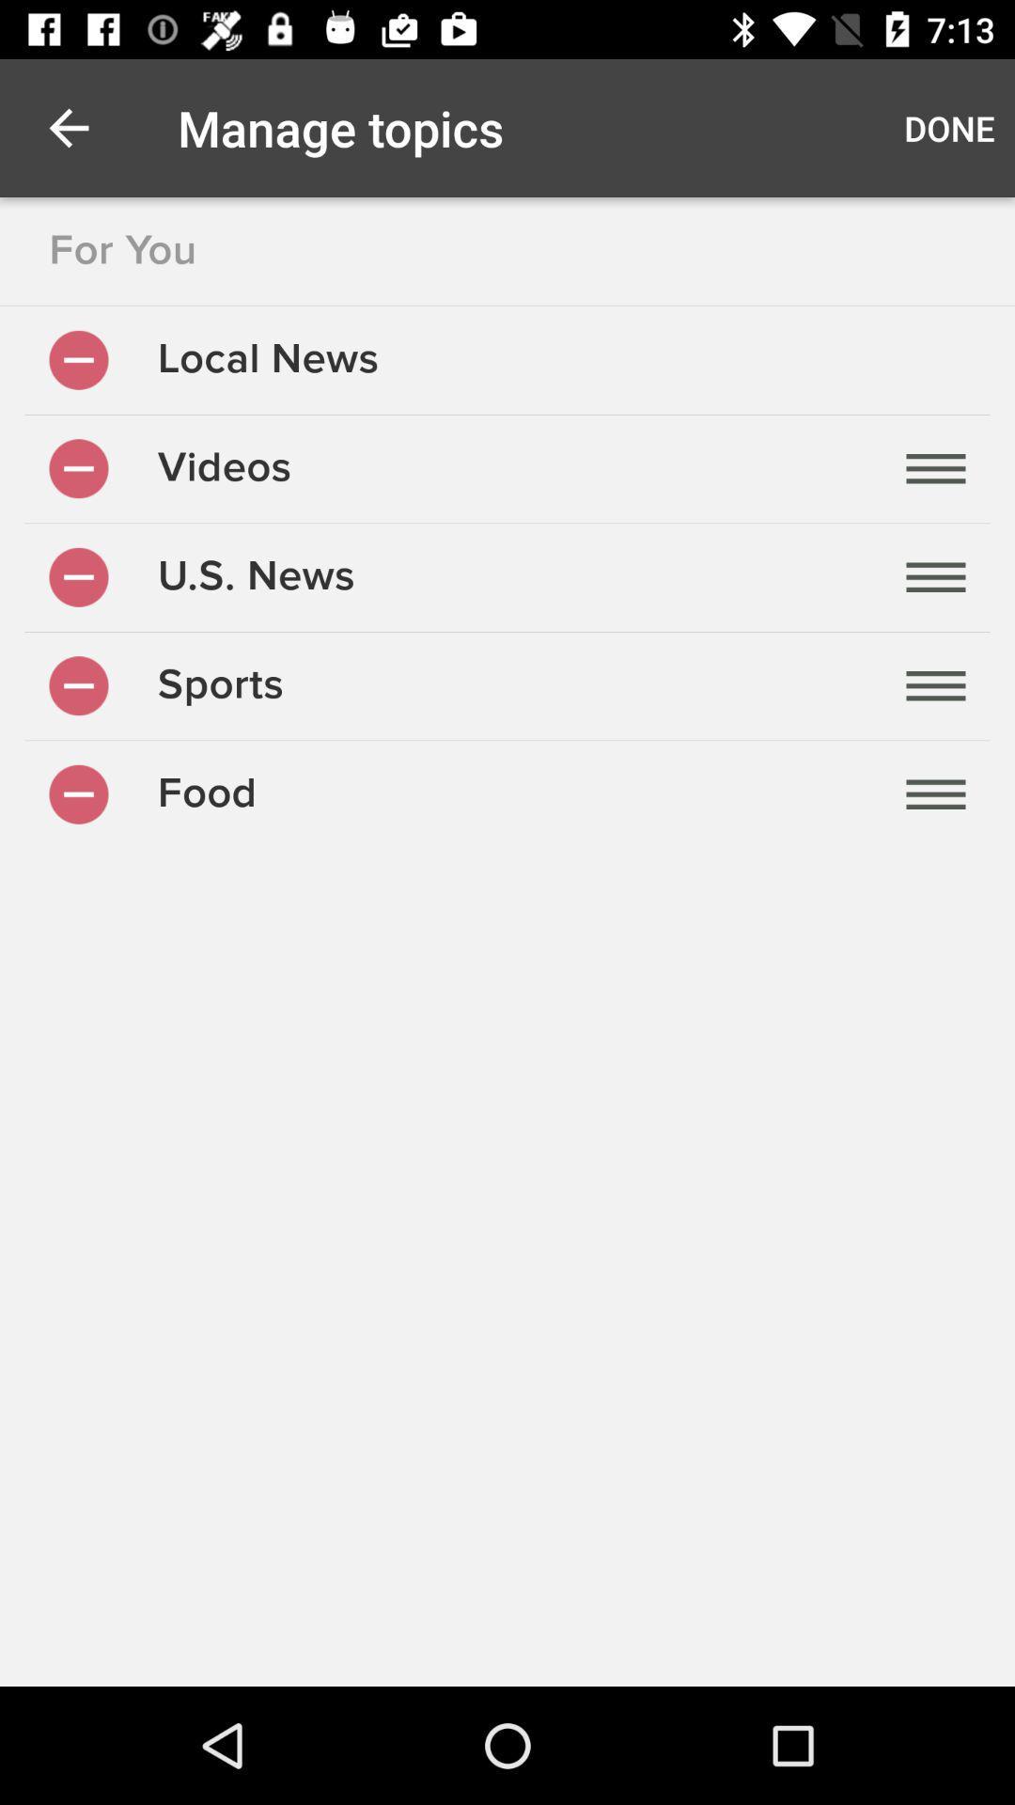 The width and height of the screenshot is (1015, 1805). What do you see at coordinates (78, 468) in the screenshot?
I see `remove videos` at bounding box center [78, 468].